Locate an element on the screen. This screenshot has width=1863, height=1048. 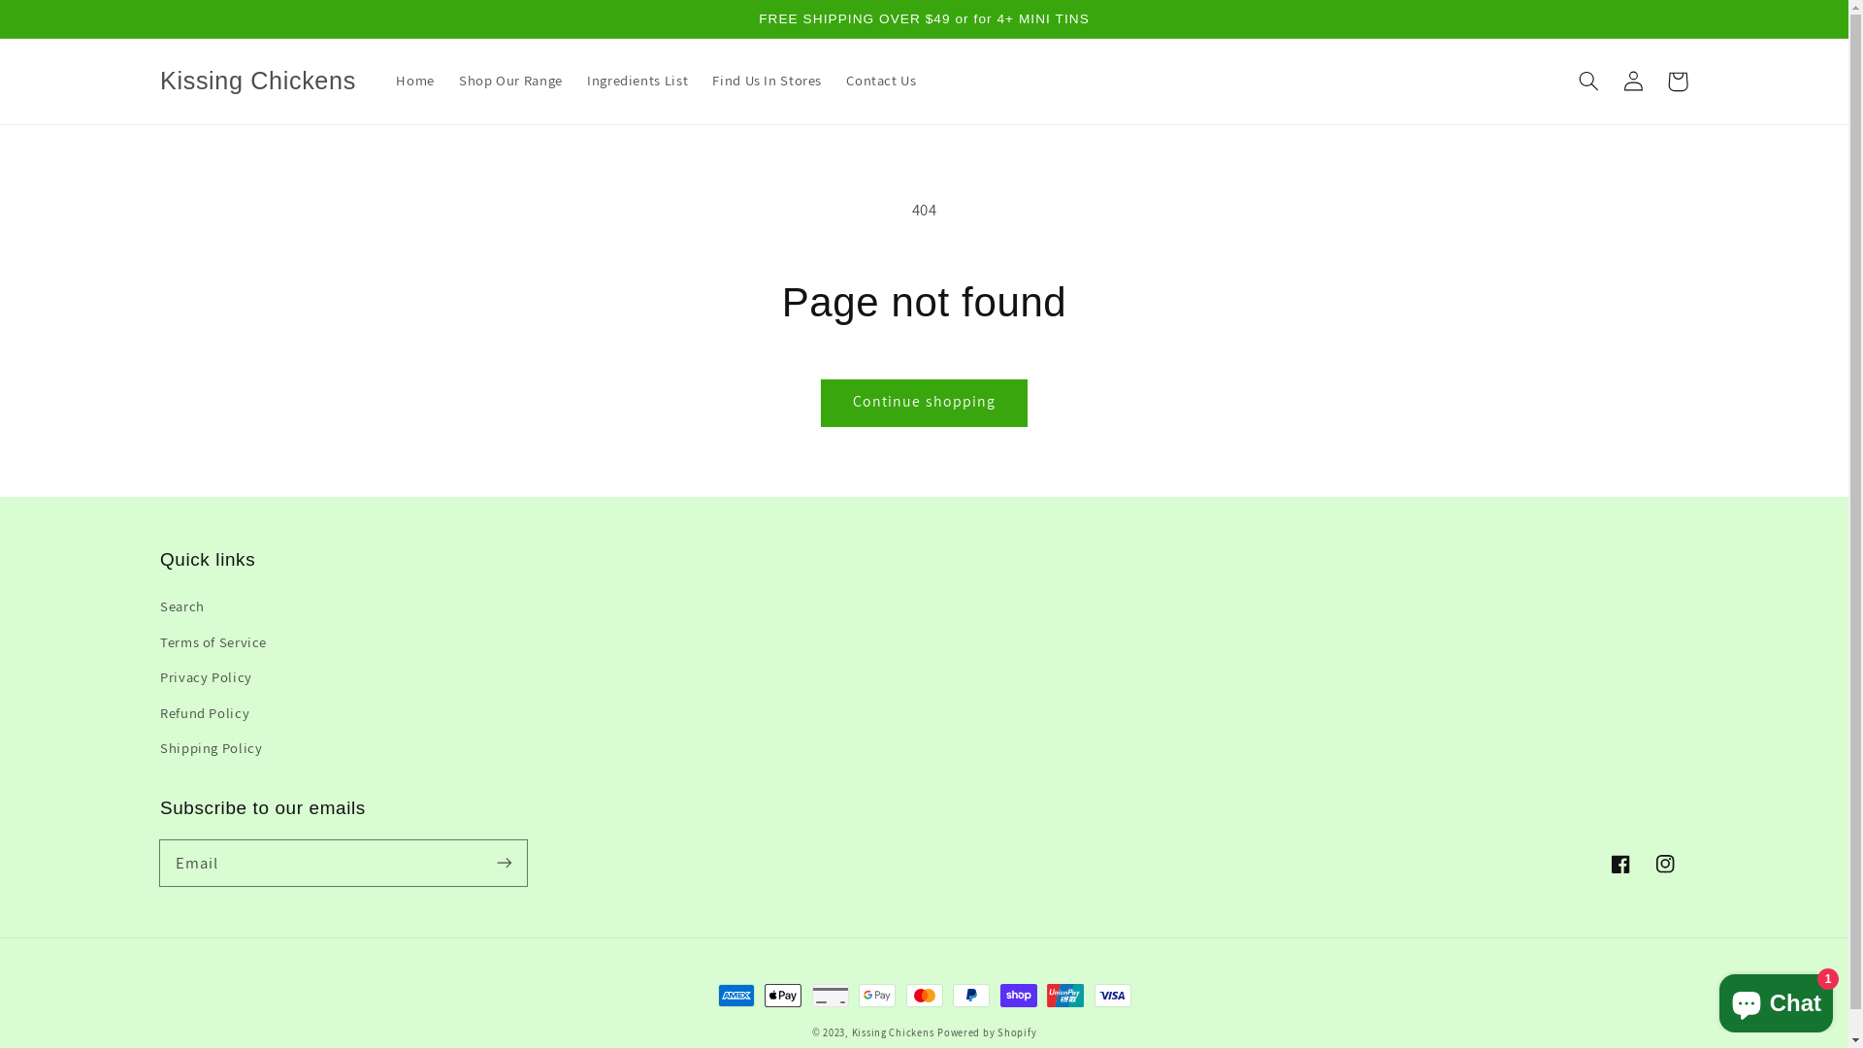
'Find Us In Stores' is located at coordinates (699, 81).